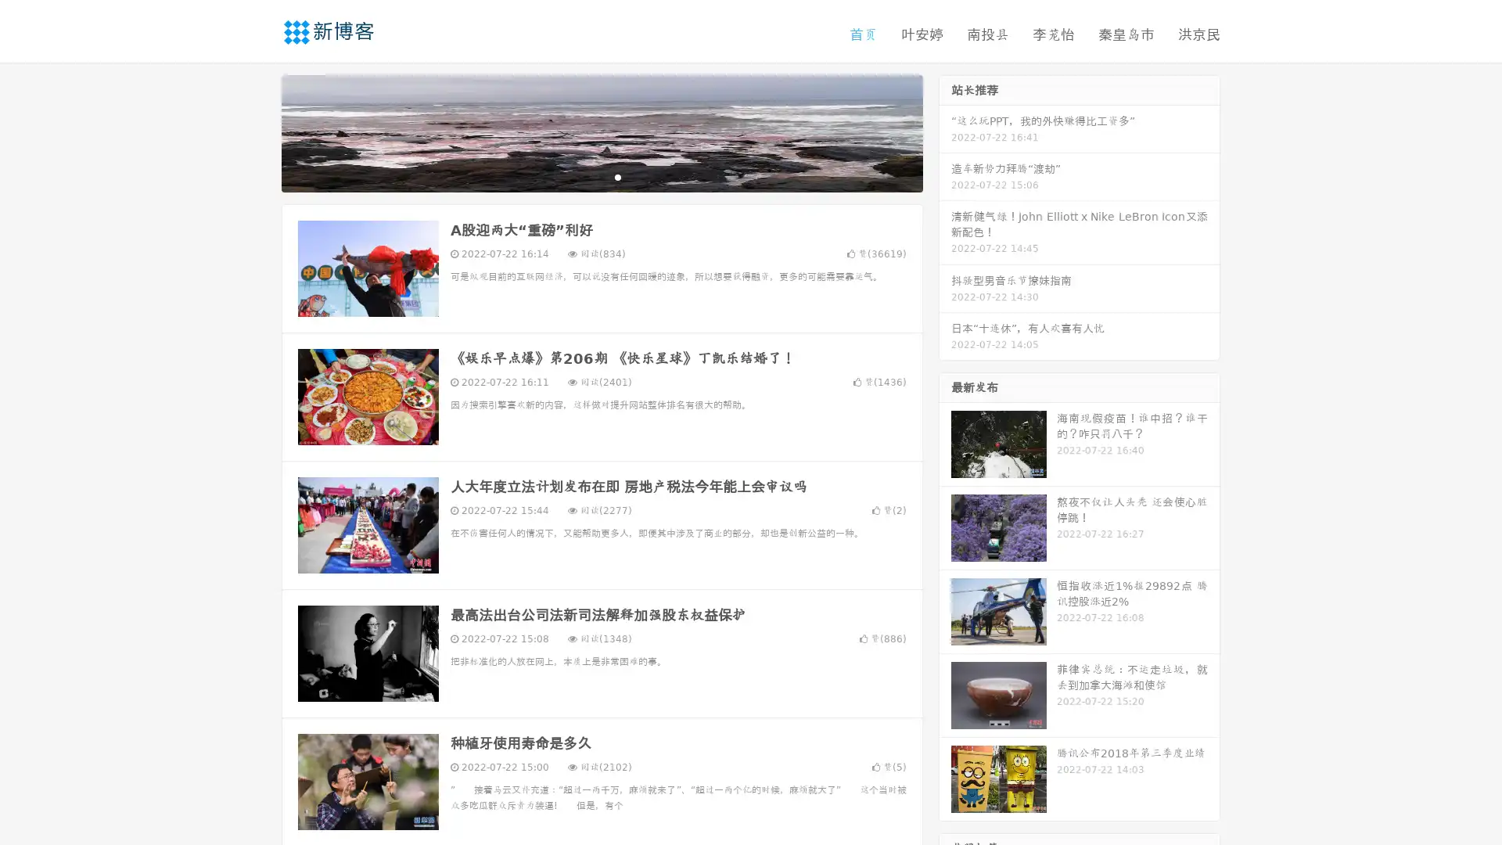  I want to click on Go to slide 3, so click(617, 176).